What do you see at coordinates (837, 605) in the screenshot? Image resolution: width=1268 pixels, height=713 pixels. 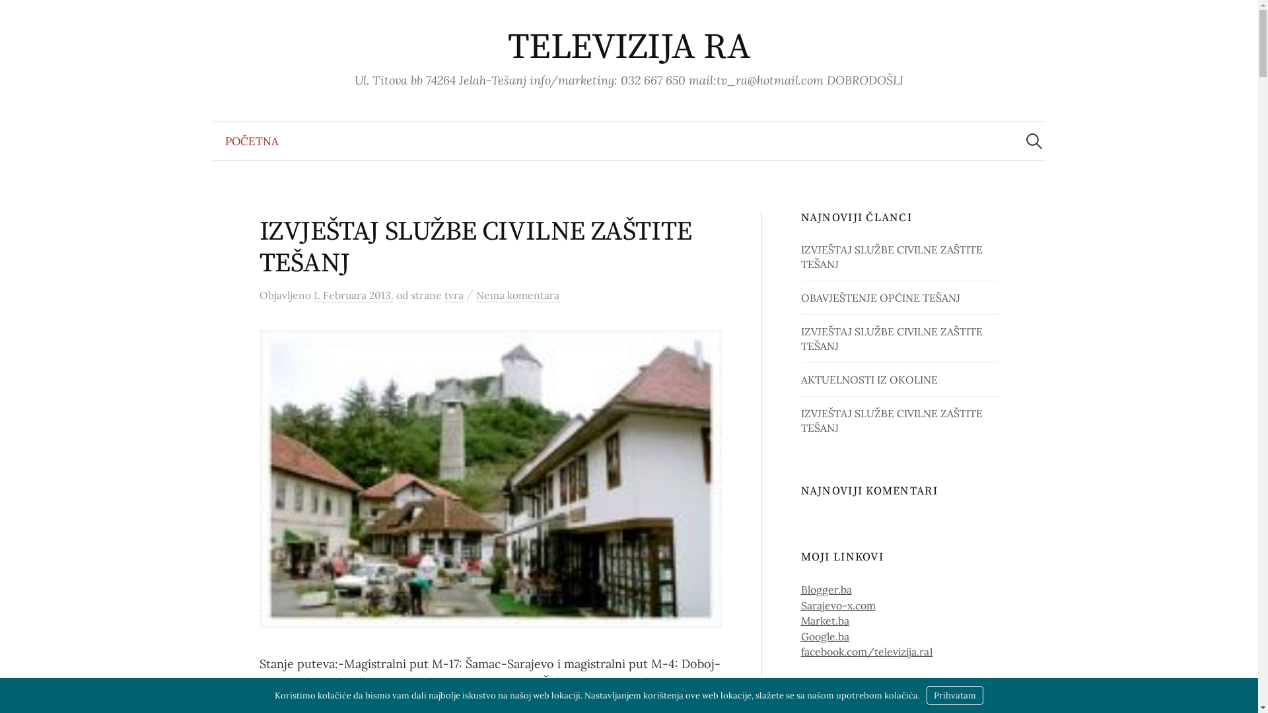 I see `'Sarajevo-x.com'` at bounding box center [837, 605].